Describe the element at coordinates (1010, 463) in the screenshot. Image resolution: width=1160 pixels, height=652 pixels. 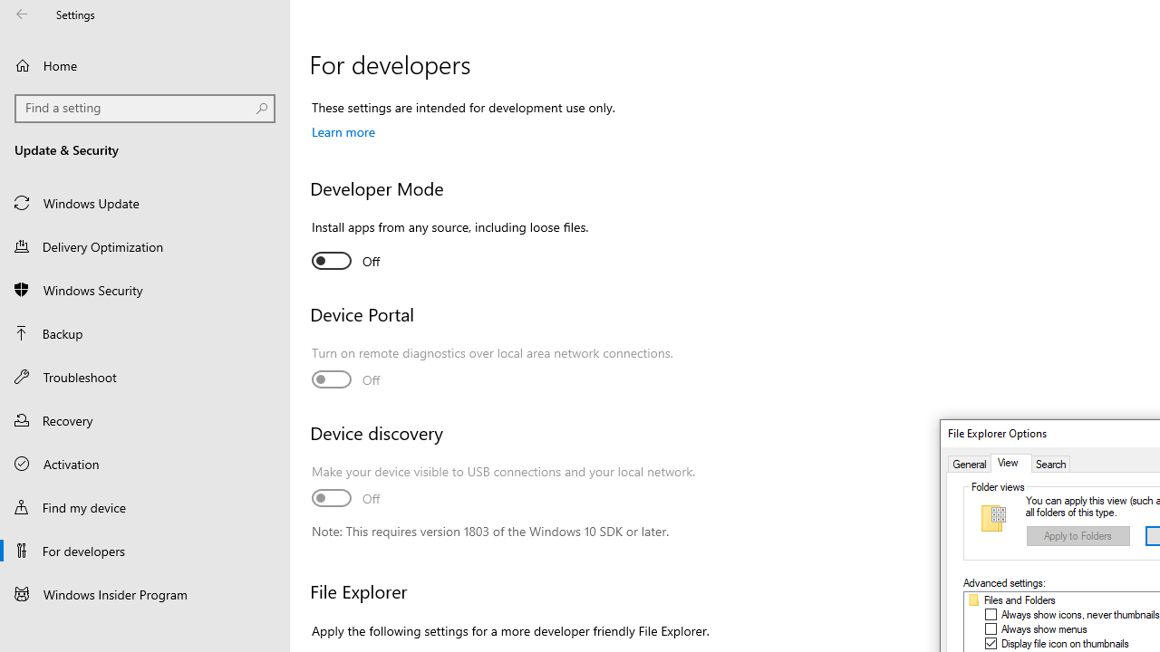
I see `'View'` at that location.